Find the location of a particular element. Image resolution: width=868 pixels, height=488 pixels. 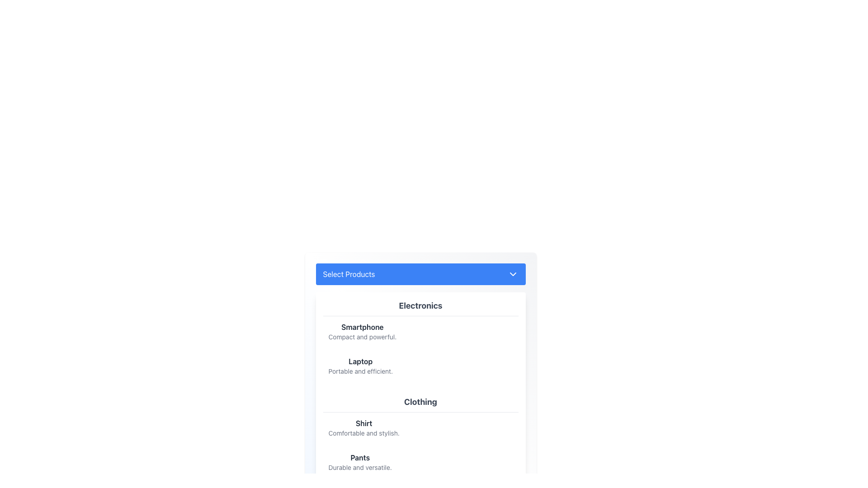

the text label displaying 'Smartphone' in bold, dark gray font, which is positioned above the descriptive text in the 'Electronics' category section is located at coordinates (362, 327).